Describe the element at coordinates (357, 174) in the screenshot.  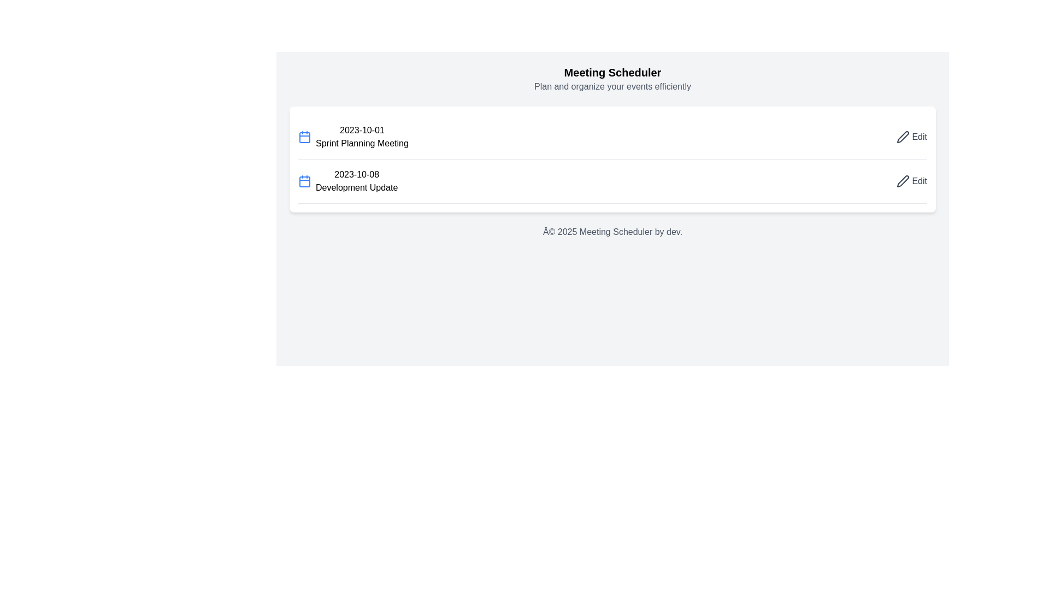
I see `the date label for the event titled 'Development Update', which is located in the second row of a vertically arranged list and aligned to the left of a calendar icon` at that location.